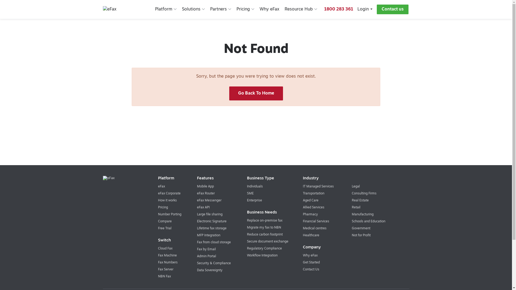  Describe the element at coordinates (214, 242) in the screenshot. I see `'Fax from cloud storage'` at that location.